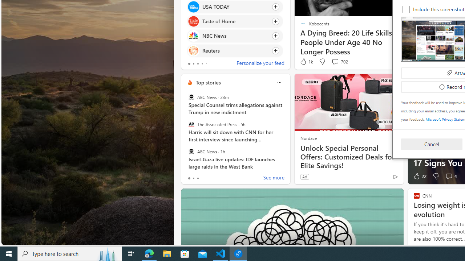 This screenshot has width=465, height=261. Describe the element at coordinates (279, 82) in the screenshot. I see `'Class: icon-img'` at that location.